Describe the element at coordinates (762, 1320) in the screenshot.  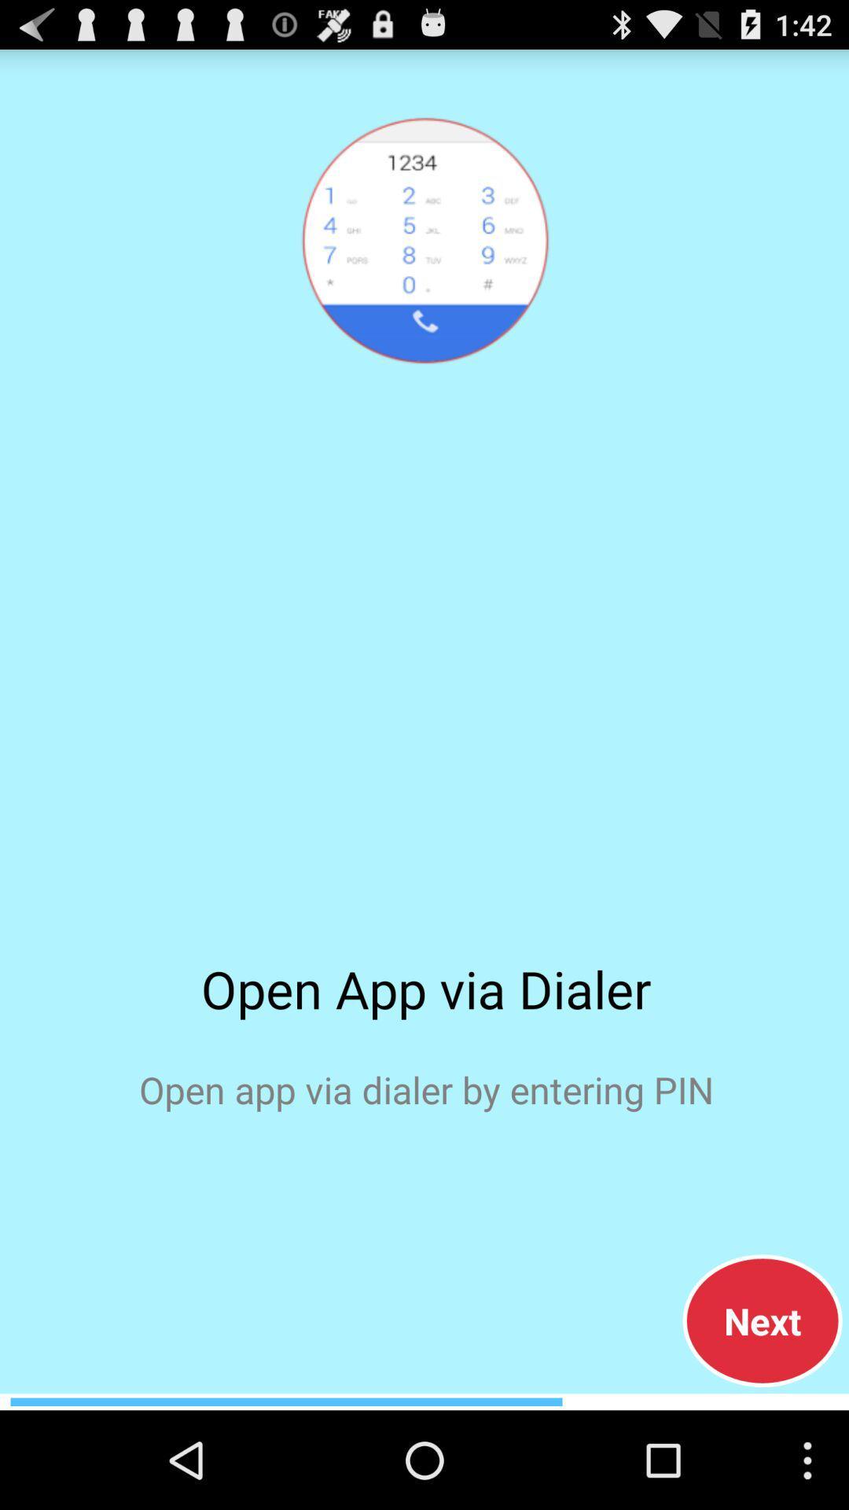
I see `the next button` at that location.